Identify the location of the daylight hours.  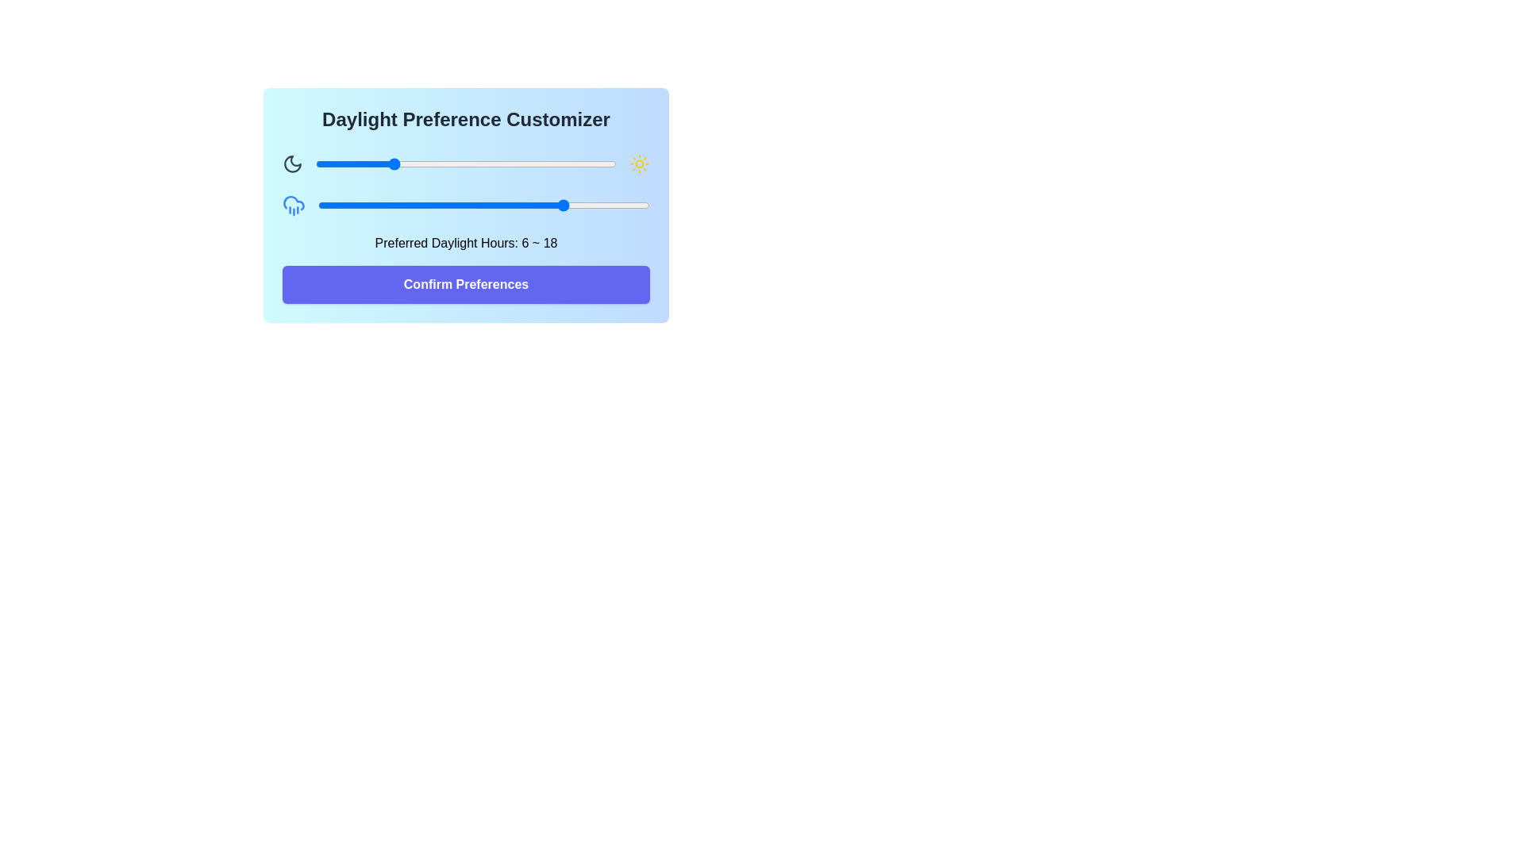
(403, 164).